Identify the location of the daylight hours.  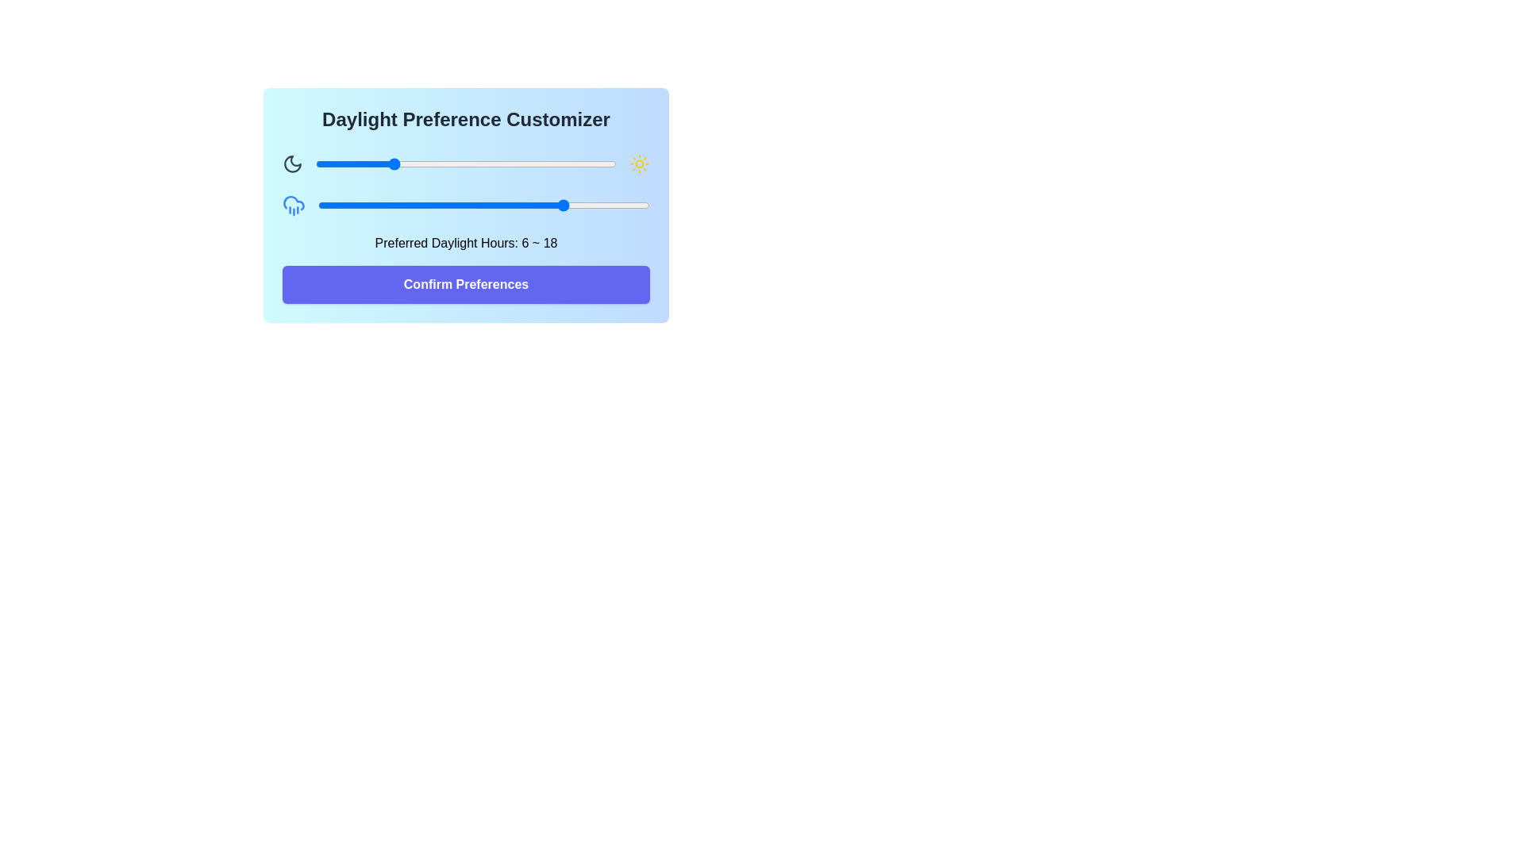
(403, 164).